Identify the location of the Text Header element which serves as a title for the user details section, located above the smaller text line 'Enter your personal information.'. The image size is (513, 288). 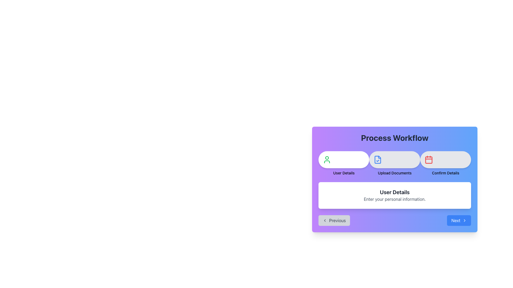
(395, 192).